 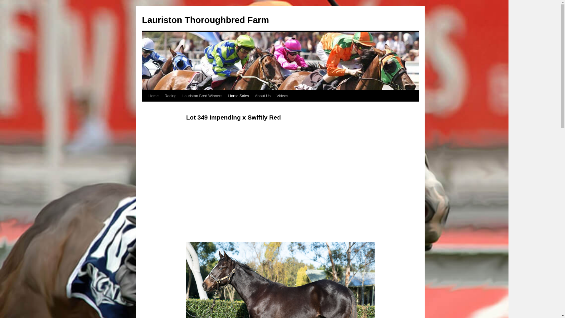 I want to click on 'About Us', so click(x=262, y=96).